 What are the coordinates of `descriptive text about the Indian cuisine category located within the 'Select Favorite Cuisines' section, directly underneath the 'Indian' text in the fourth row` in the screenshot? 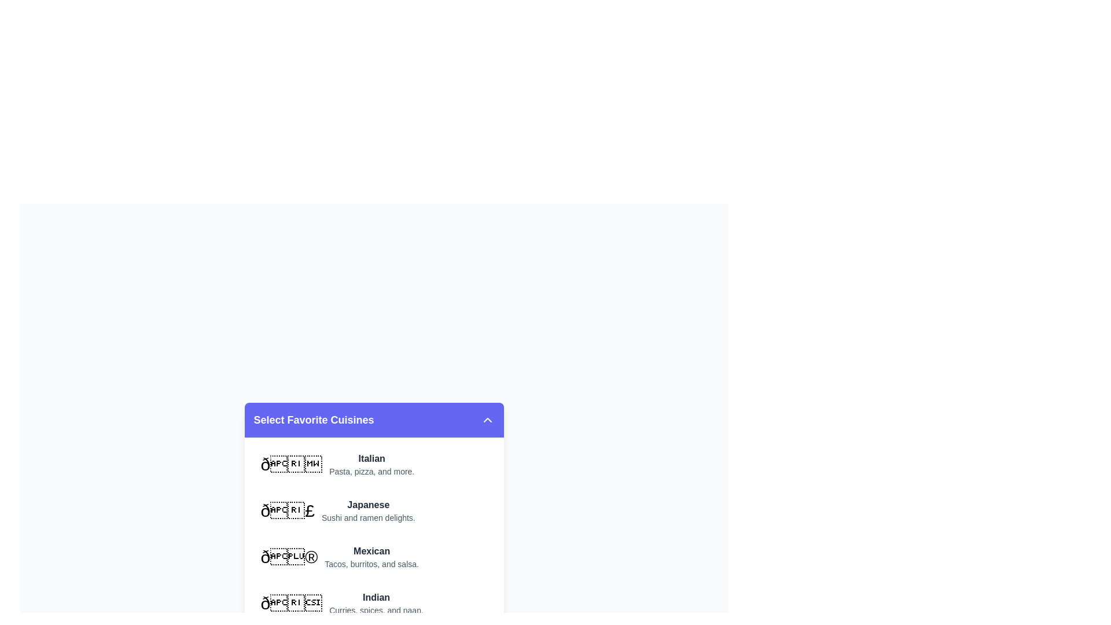 It's located at (376, 609).